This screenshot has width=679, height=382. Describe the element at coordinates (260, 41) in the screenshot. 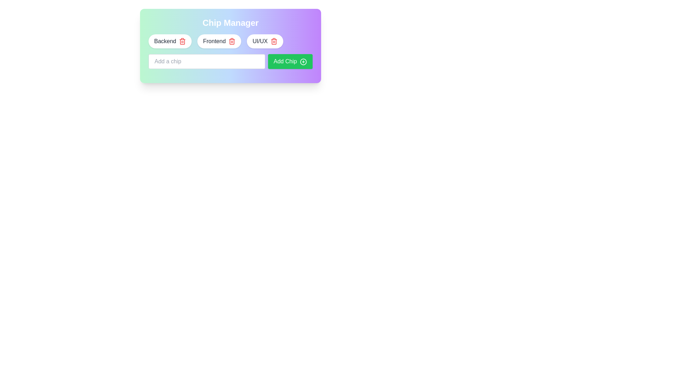

I see `the Text label 'UI/UX' within the third chip from the left in the 'Chip Manager' interface, which is styled in a medium gray font and contained in a rounded white chip` at that location.